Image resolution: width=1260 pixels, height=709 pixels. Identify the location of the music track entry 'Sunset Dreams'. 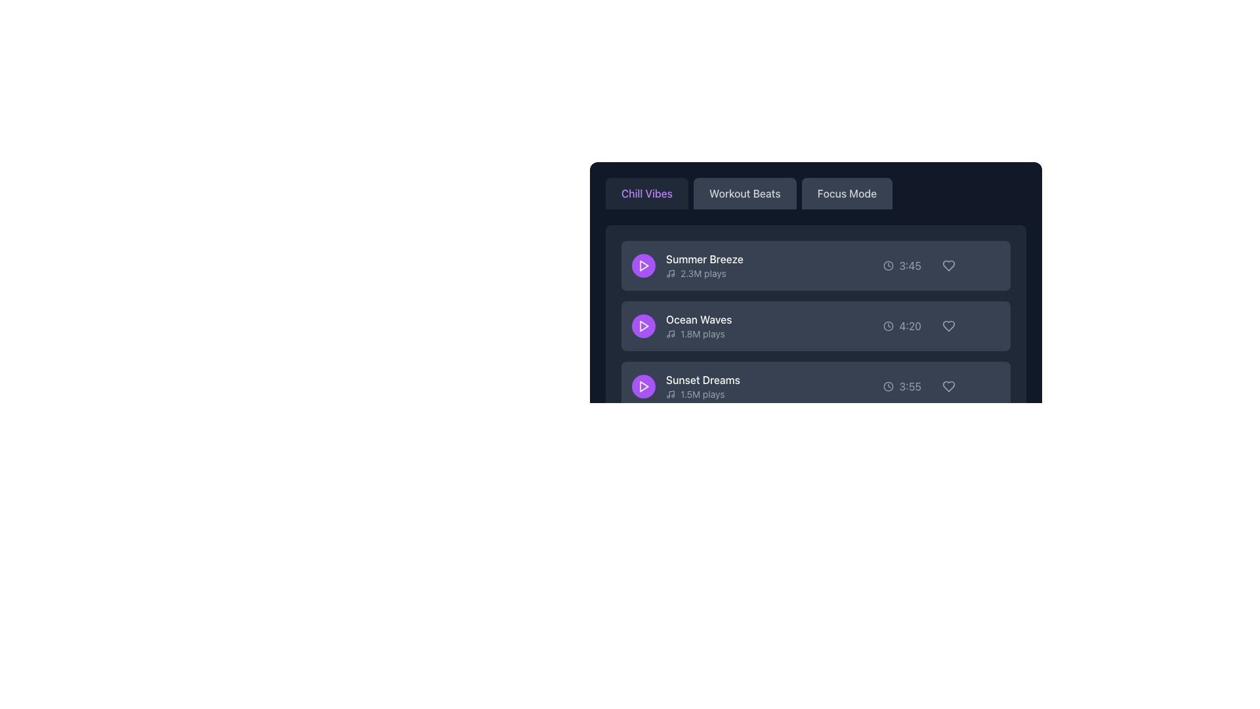
(685, 386).